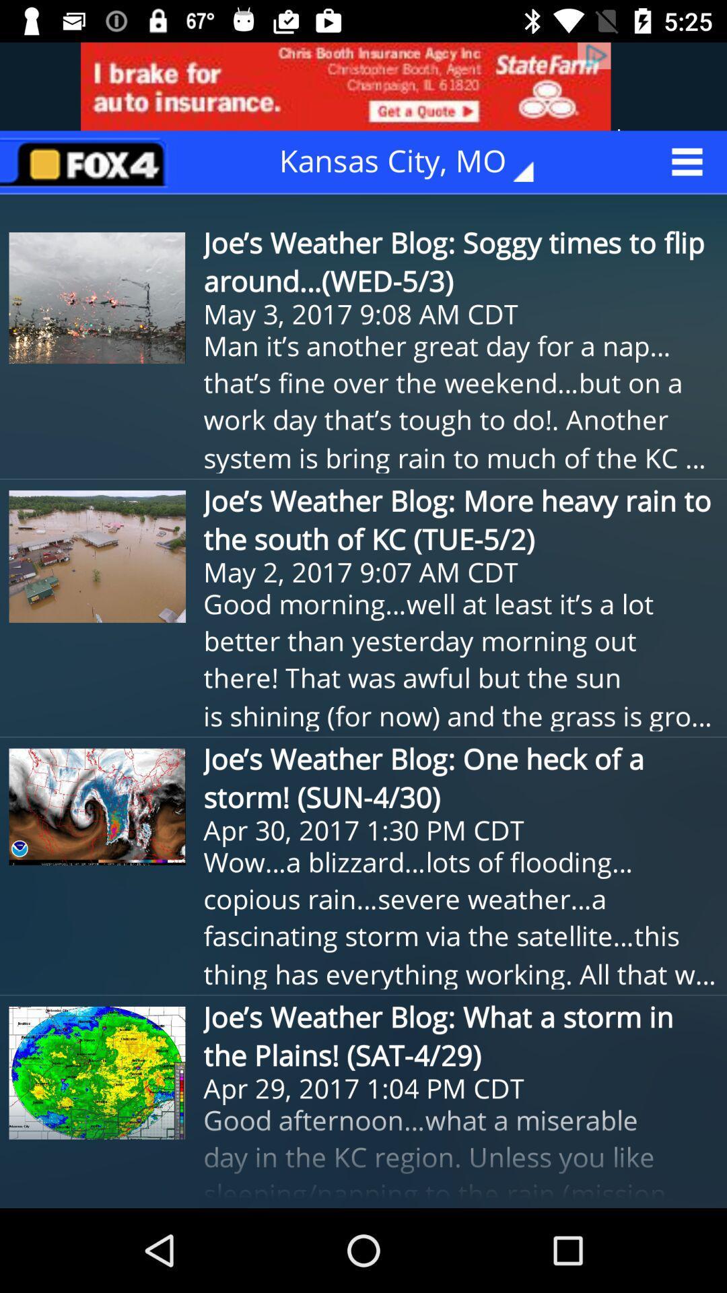 The width and height of the screenshot is (727, 1293). Describe the element at coordinates (415, 162) in the screenshot. I see `kansas city, mo icon` at that location.